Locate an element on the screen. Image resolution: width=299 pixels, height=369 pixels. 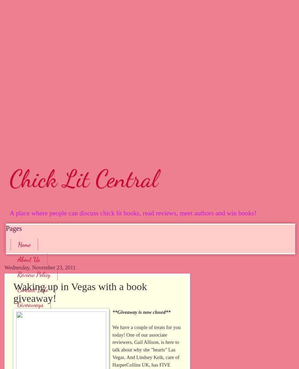
'Home' is located at coordinates (24, 244).